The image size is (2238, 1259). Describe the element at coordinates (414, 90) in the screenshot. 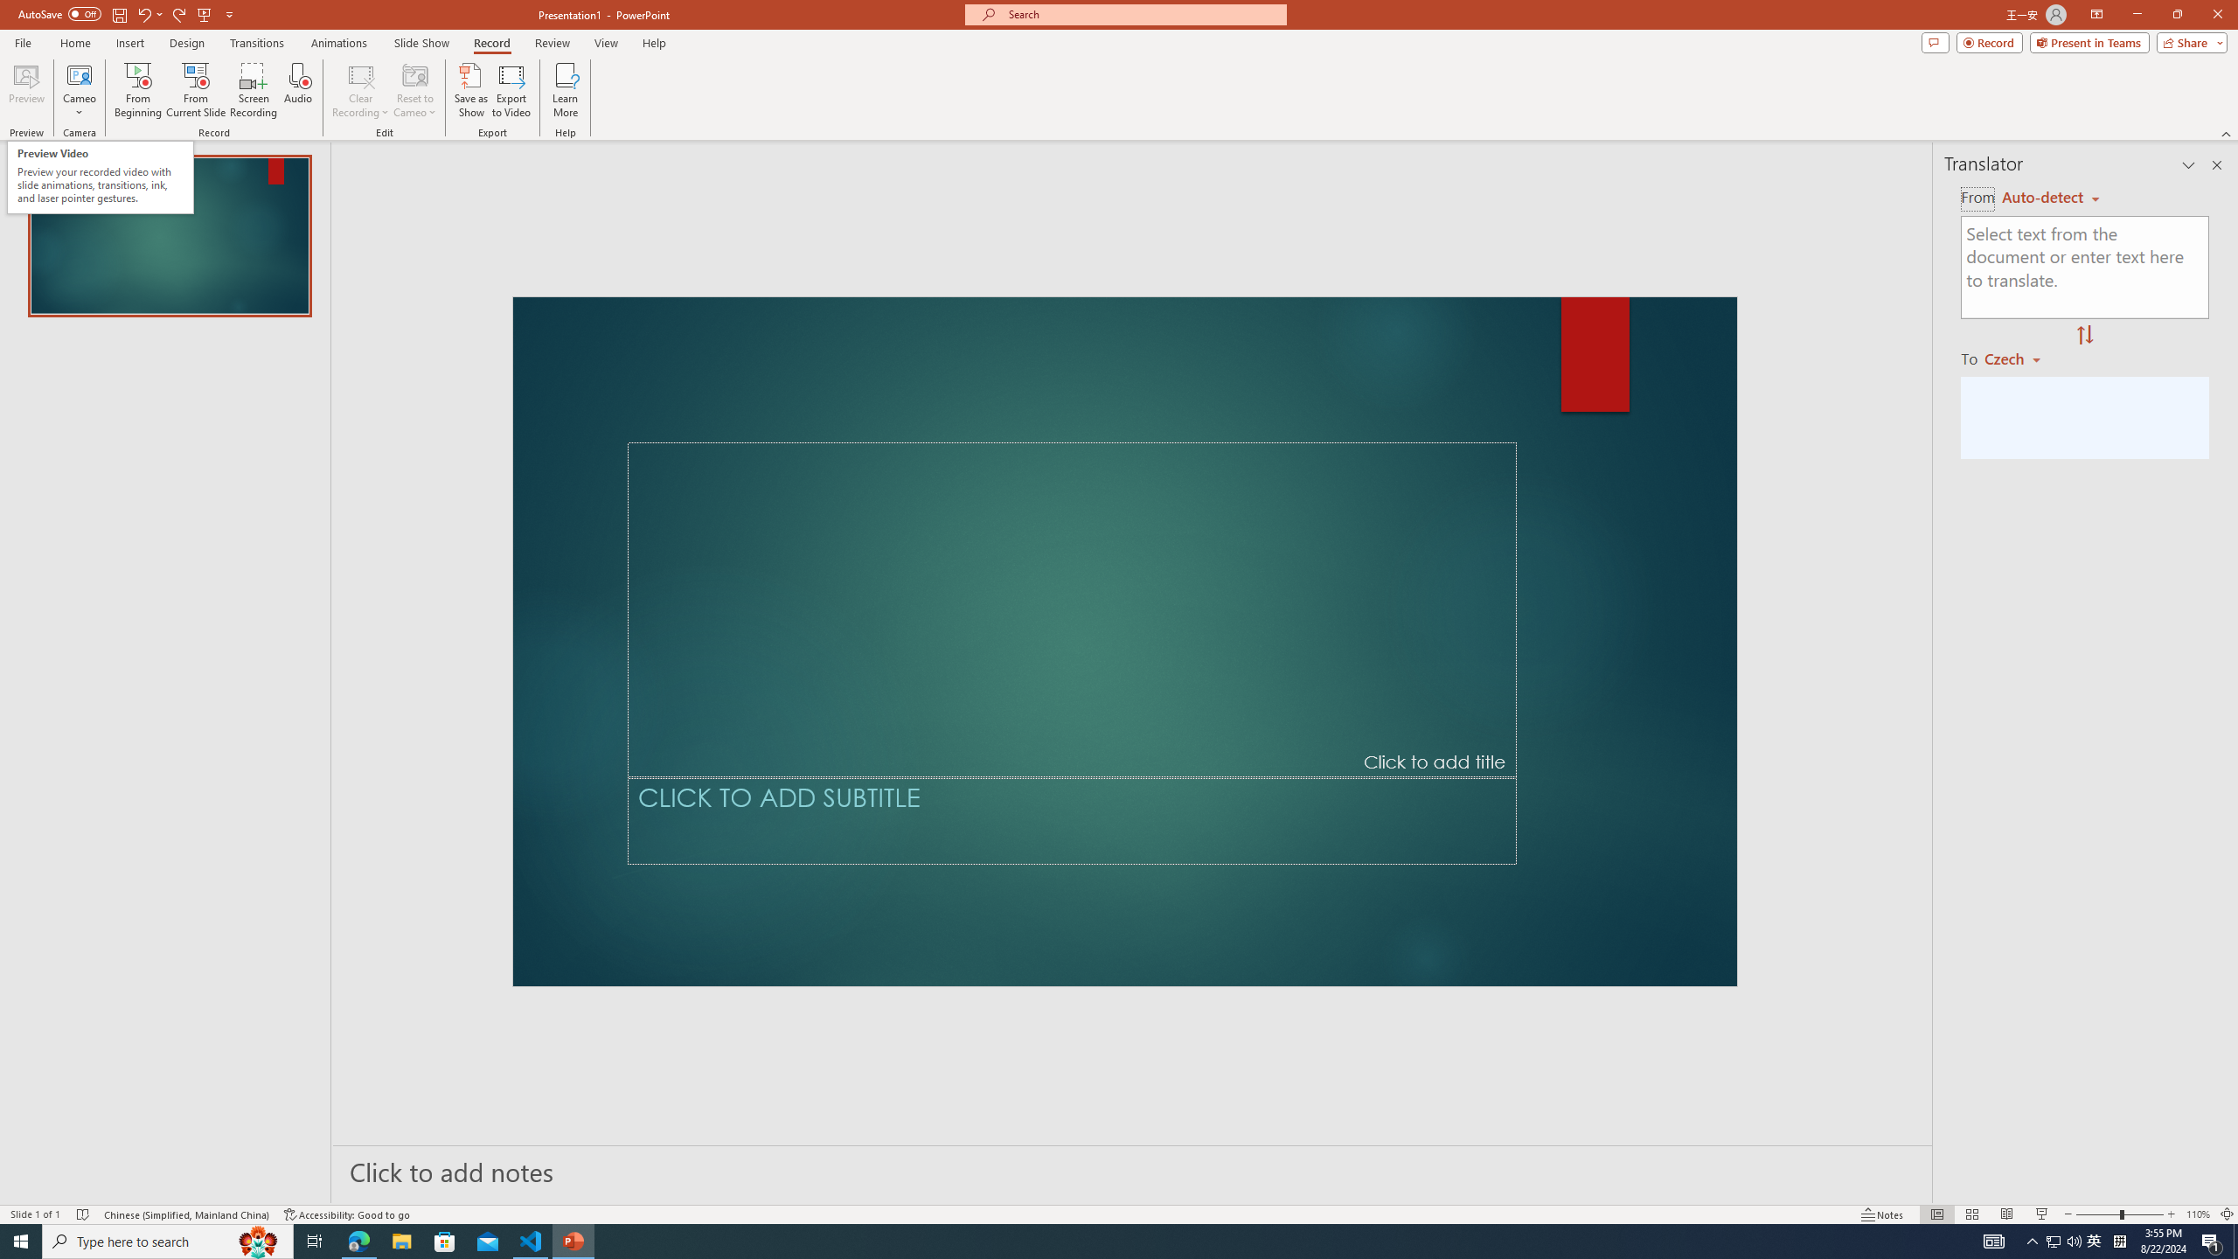

I see `'Reset to Cameo'` at that location.